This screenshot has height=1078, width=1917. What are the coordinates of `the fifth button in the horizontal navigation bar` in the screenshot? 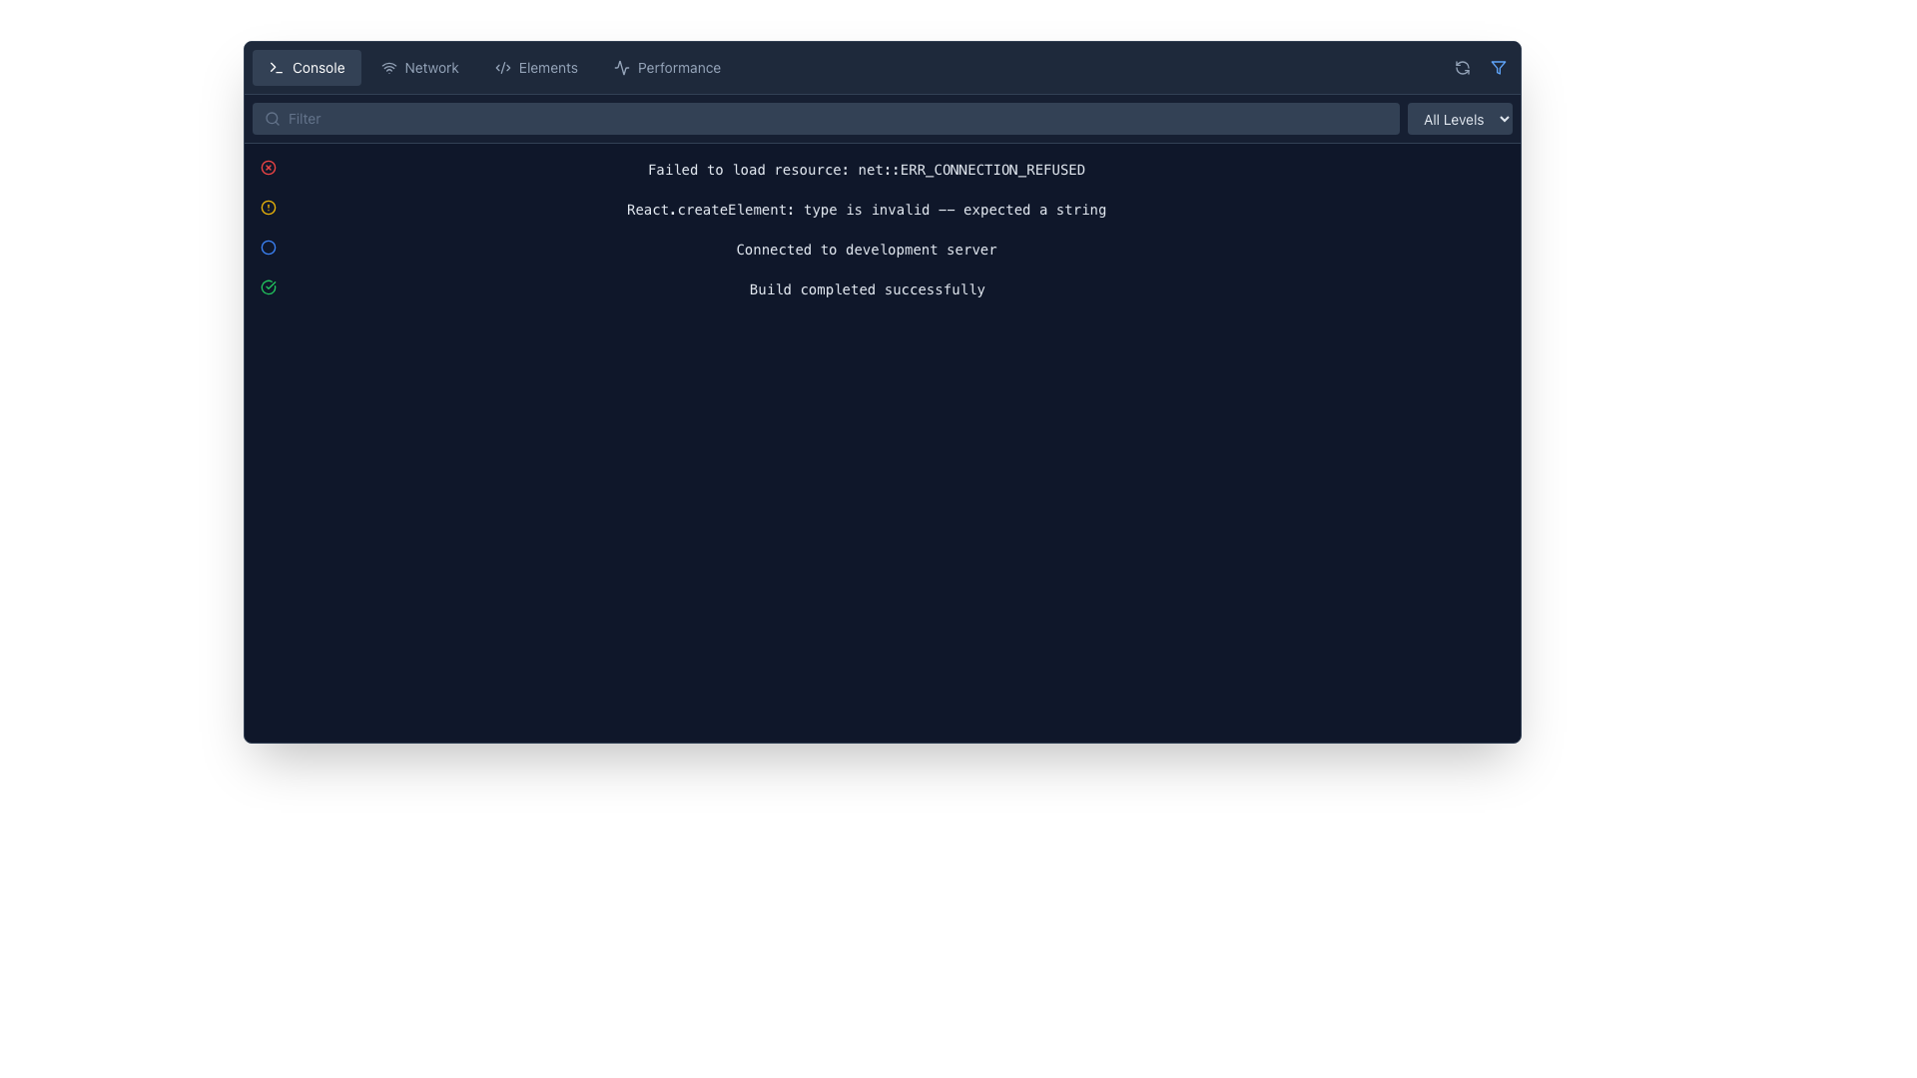 It's located at (667, 67).